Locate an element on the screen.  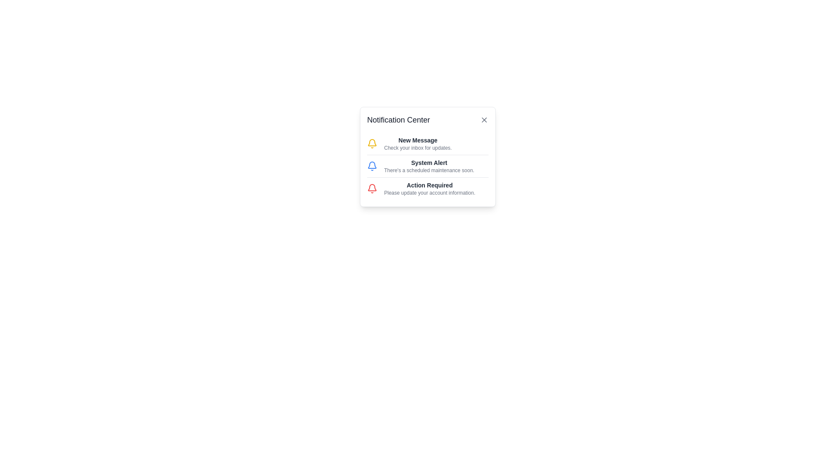
the Notification card entry titled 'Action Required' with the description 'Please update your account information.' in the Notification Center is located at coordinates (428, 188).